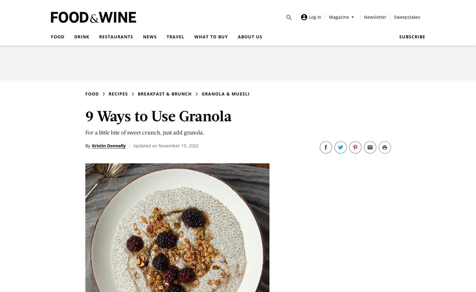  Describe the element at coordinates (108, 146) in the screenshot. I see `'Kristin Donnelly'` at that location.